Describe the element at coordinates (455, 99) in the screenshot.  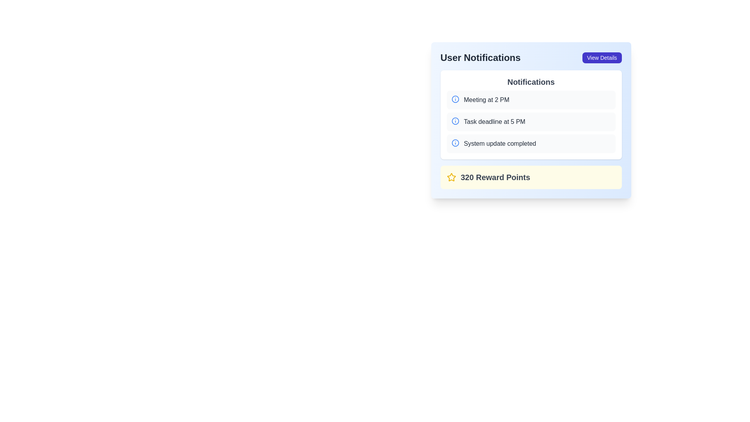
I see `the information icon that signifies additional details related to the notification 'Meeting at 2 PM', which is the first item in the notifications list` at that location.